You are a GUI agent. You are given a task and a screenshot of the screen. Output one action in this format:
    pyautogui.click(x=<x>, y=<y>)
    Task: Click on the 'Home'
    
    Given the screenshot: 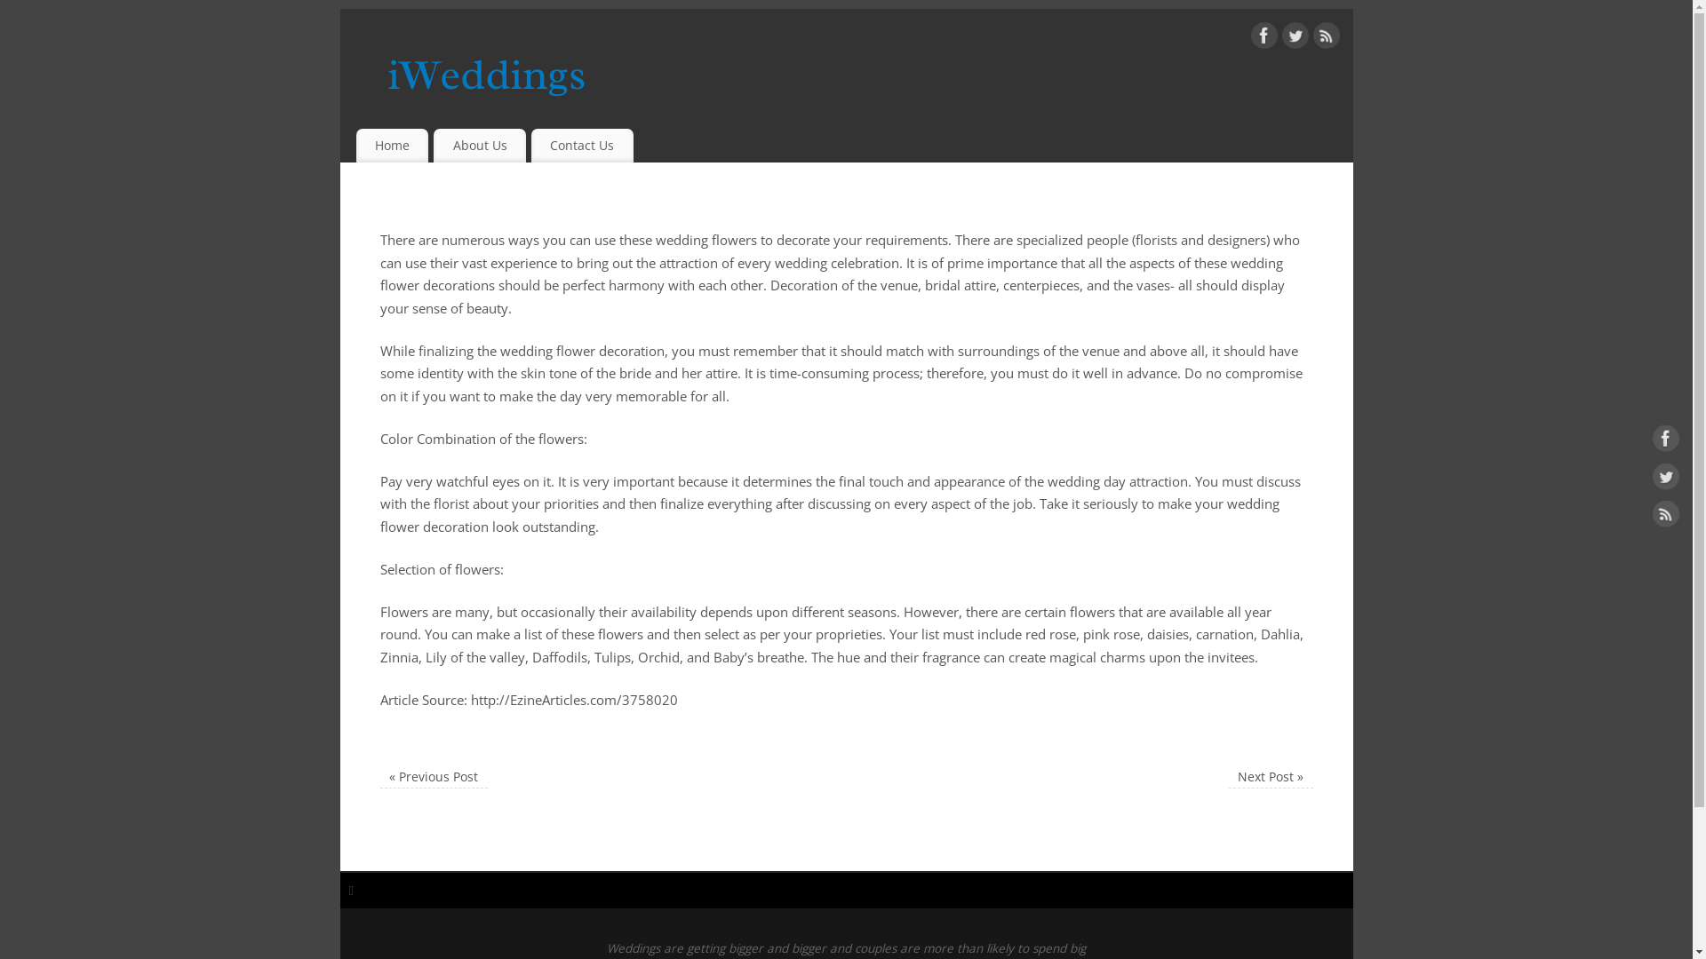 What is the action you would take?
    pyautogui.click(x=391, y=145)
    